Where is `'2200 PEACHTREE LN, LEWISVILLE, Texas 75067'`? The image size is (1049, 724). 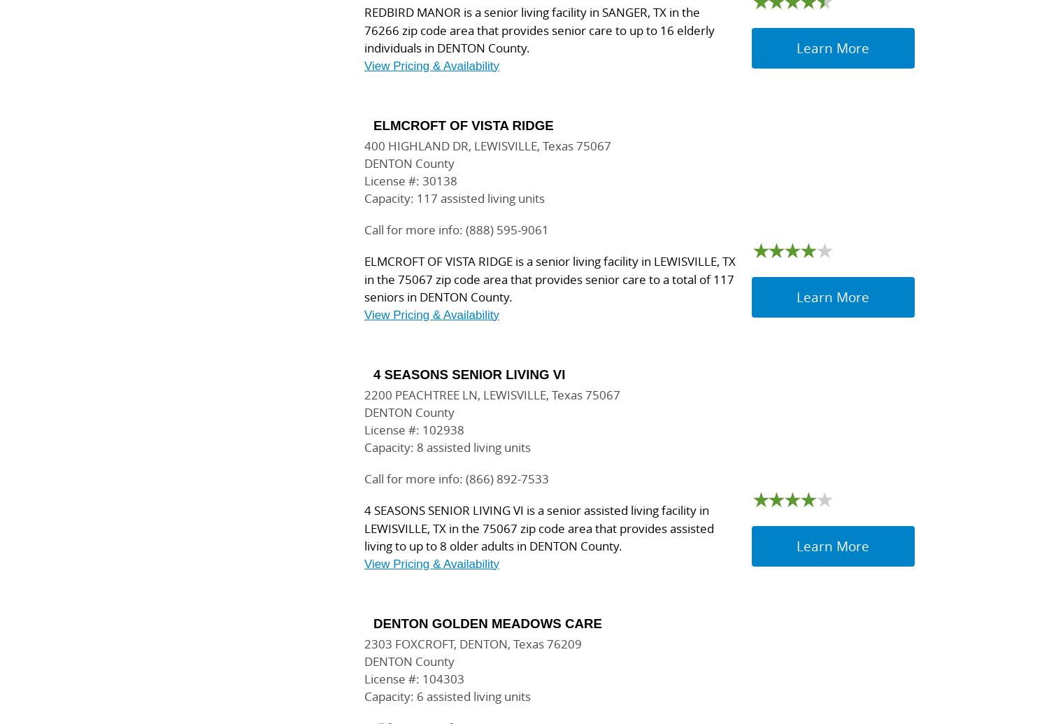
'2200 PEACHTREE LN, LEWISVILLE, Texas 75067' is located at coordinates (491, 394).